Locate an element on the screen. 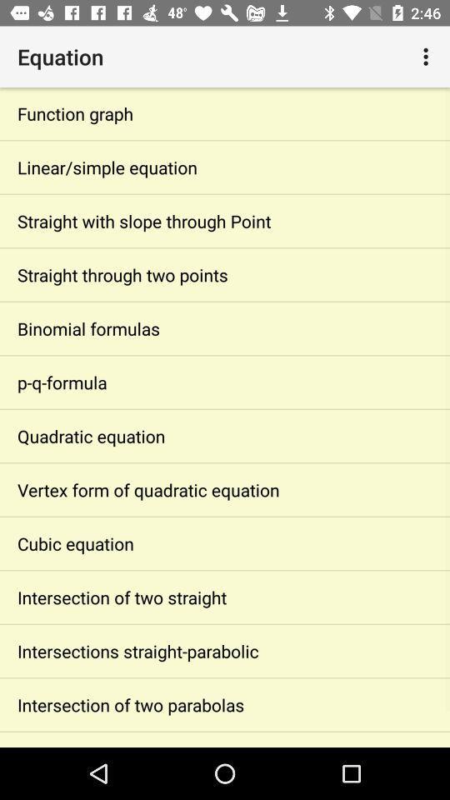 This screenshot has height=800, width=450. the item below quadratic equation item is located at coordinates (225, 490).